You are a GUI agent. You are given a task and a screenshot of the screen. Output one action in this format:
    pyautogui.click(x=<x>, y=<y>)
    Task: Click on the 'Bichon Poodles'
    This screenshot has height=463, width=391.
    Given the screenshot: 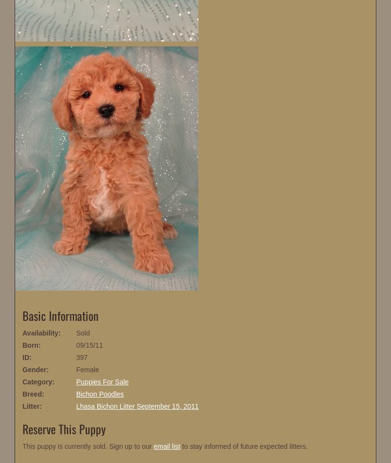 What is the action you would take?
    pyautogui.click(x=100, y=394)
    